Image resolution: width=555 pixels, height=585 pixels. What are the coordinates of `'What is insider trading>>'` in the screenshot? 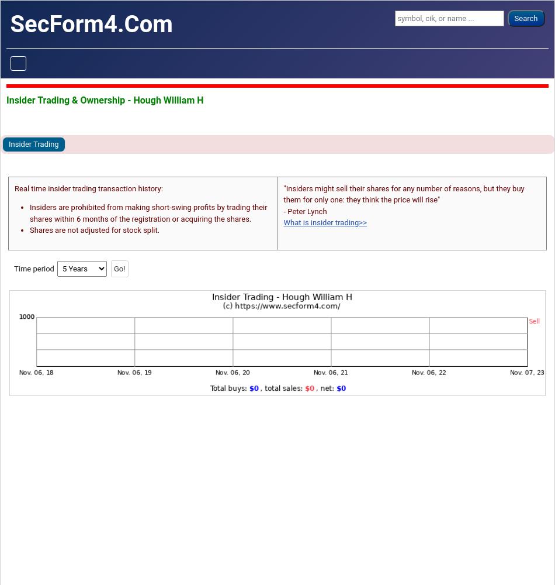 It's located at (325, 222).